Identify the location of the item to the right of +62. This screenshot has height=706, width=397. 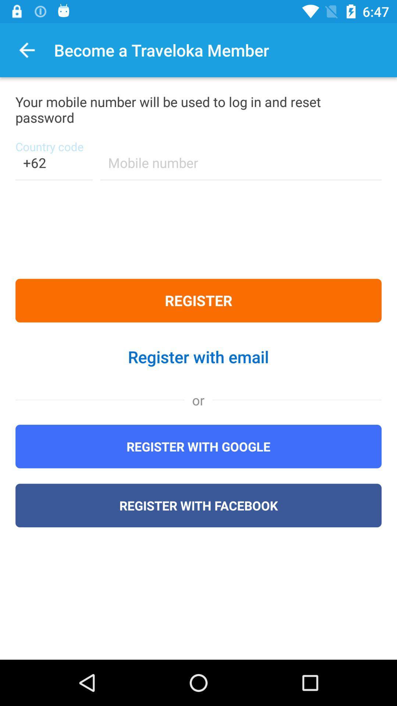
(241, 167).